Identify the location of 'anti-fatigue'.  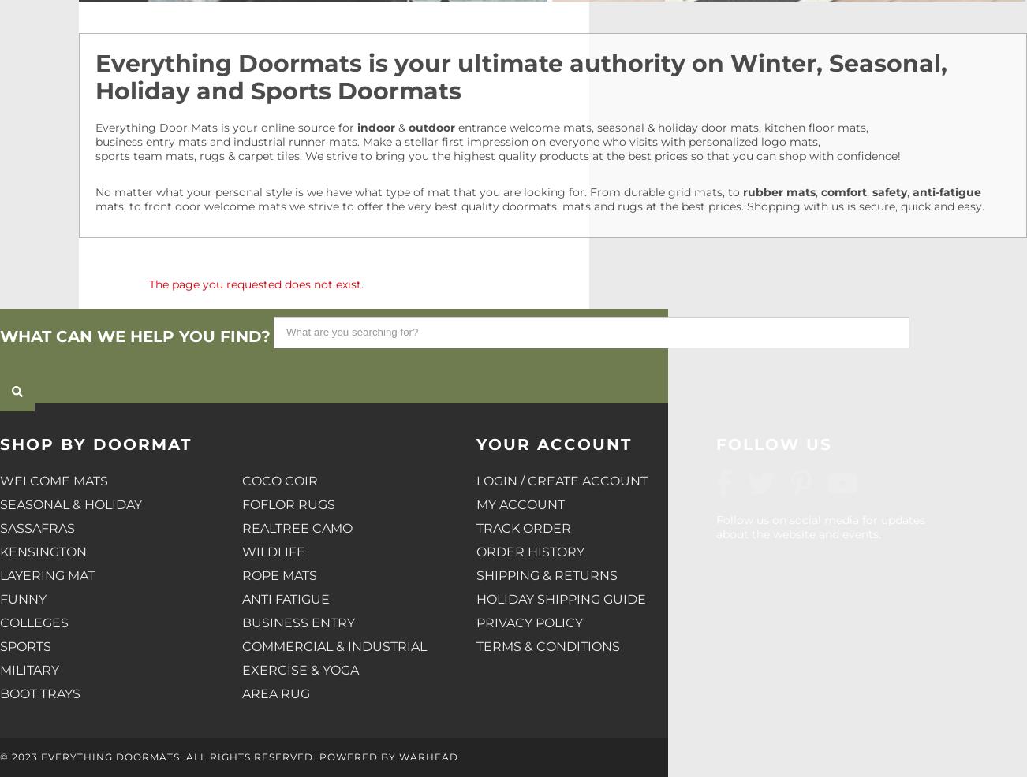
(947, 191).